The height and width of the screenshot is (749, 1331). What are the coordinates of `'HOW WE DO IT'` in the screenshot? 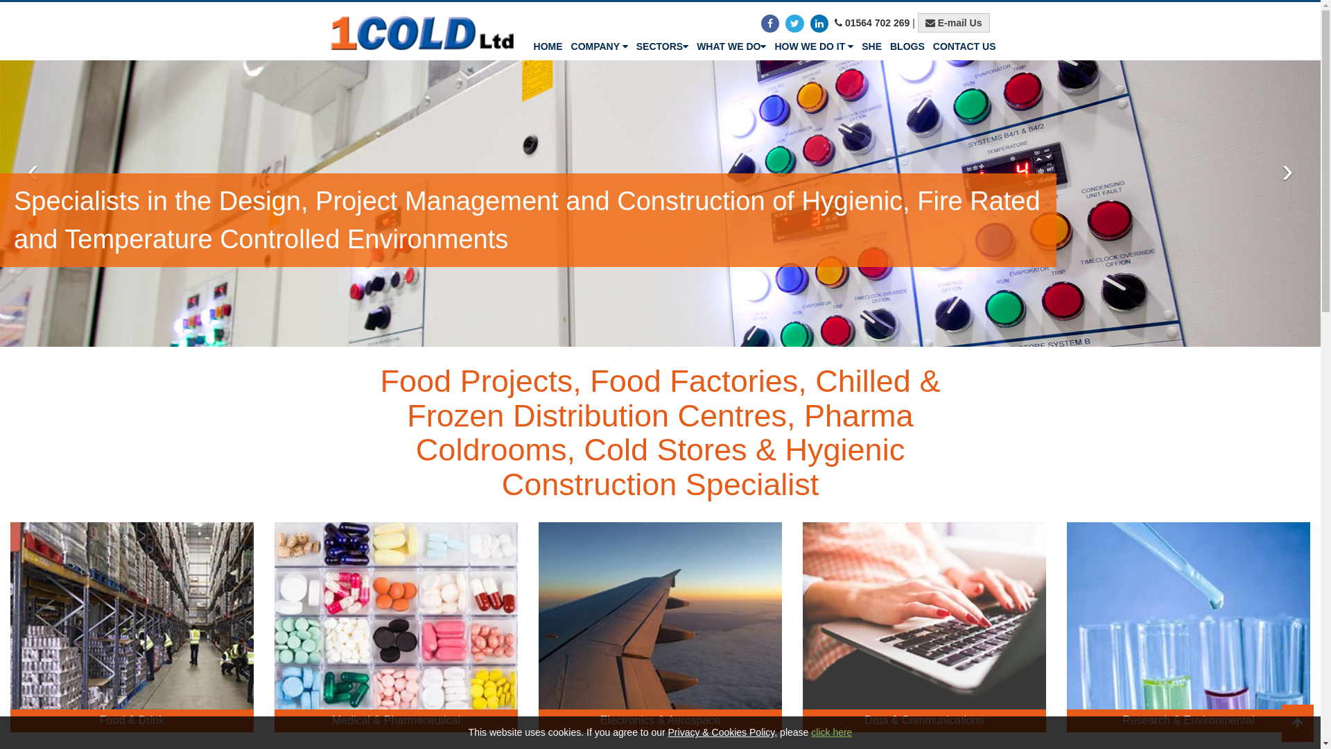 It's located at (814, 45).